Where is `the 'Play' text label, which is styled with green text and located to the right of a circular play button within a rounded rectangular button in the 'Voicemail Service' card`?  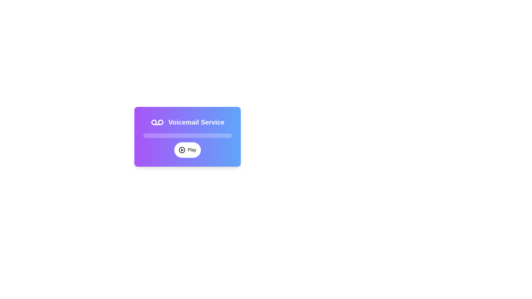
the 'Play' text label, which is styled with green text and located to the right of a circular play button within a rounded rectangular button in the 'Voicemail Service' card is located at coordinates (192, 150).